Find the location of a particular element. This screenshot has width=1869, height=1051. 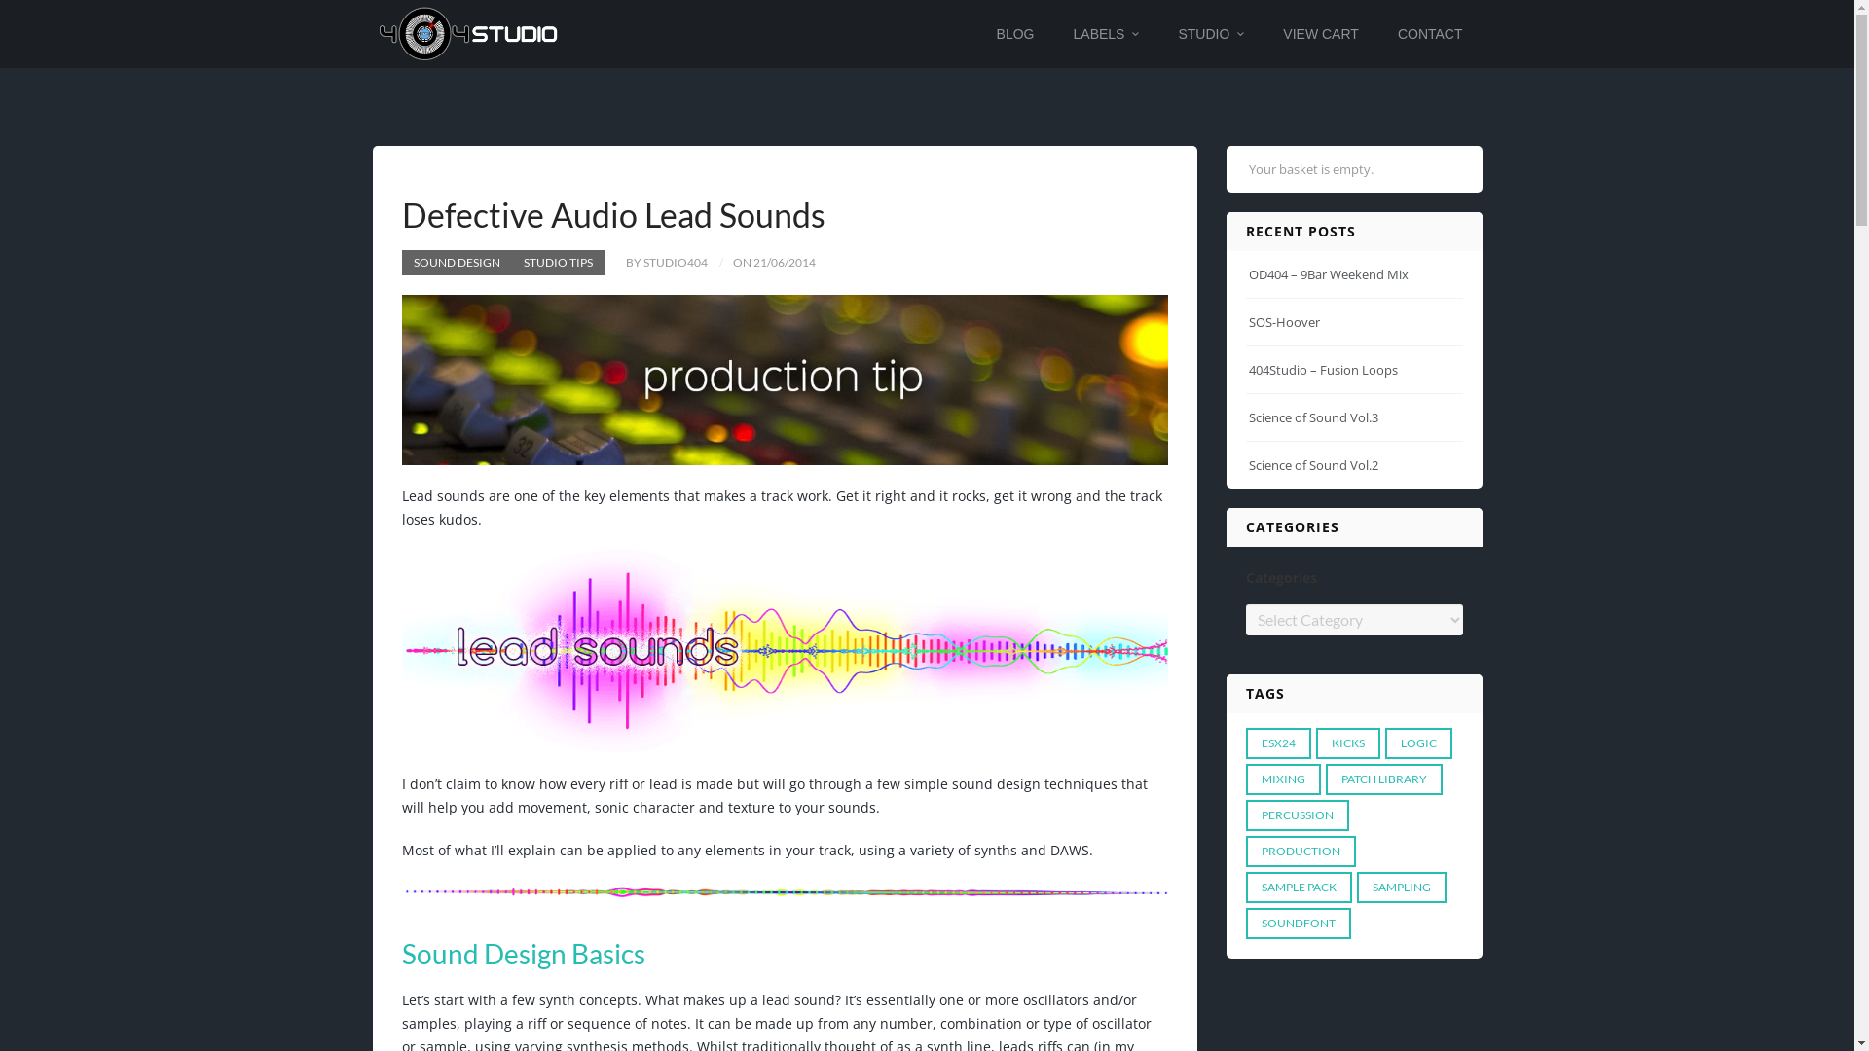

'Science of Sound Vol.2' is located at coordinates (1313, 465).